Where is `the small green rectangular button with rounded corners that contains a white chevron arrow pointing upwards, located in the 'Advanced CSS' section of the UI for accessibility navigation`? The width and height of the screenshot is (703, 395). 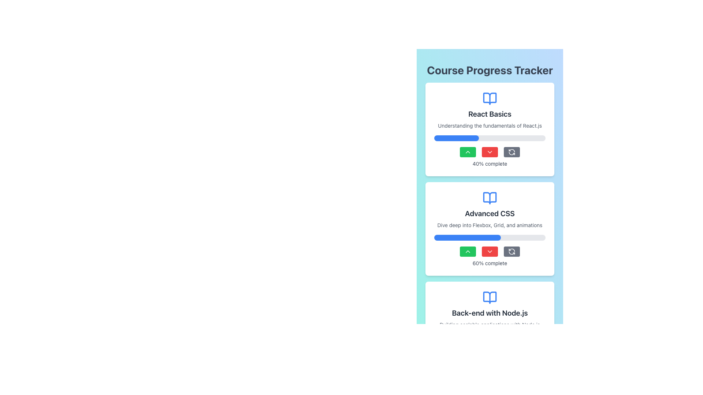 the small green rectangular button with rounded corners that contains a white chevron arrow pointing upwards, located in the 'Advanced CSS' section of the UI for accessibility navigation is located at coordinates (467, 251).